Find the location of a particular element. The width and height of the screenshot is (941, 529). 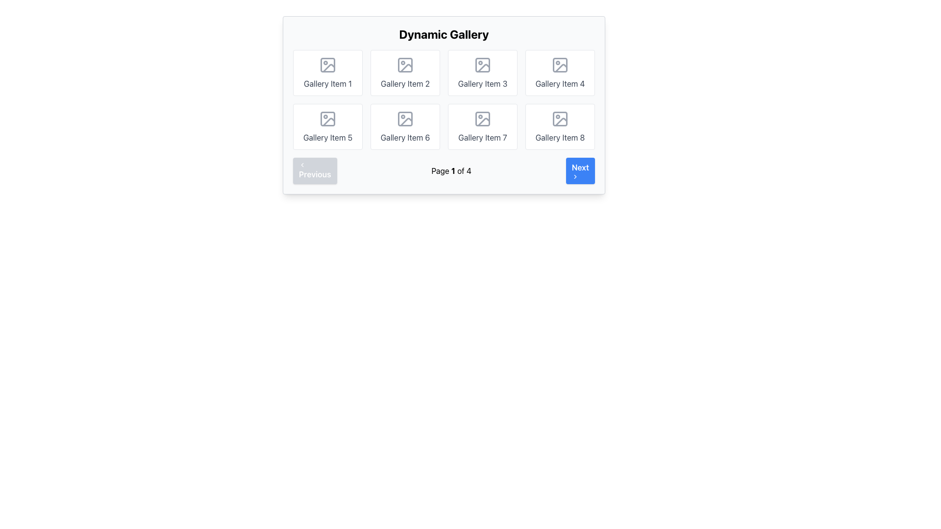

the navigation button located at the bottom-right corner of the interface, next to the text label 'Page 1 of 4', to change its color is located at coordinates (580, 170).